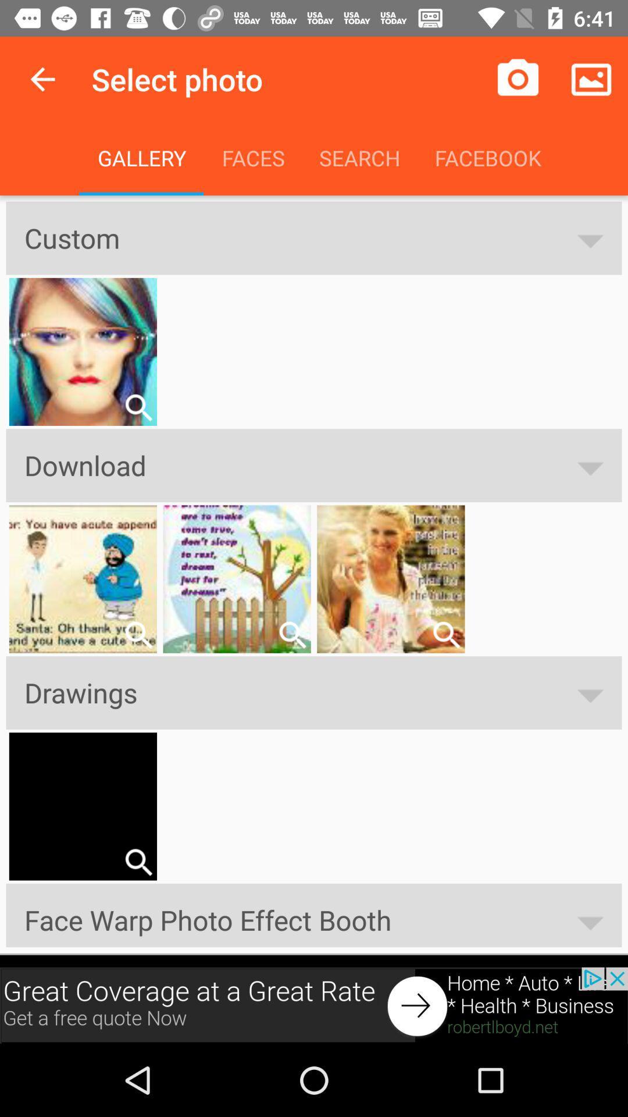  I want to click on search in the option, so click(445, 634).